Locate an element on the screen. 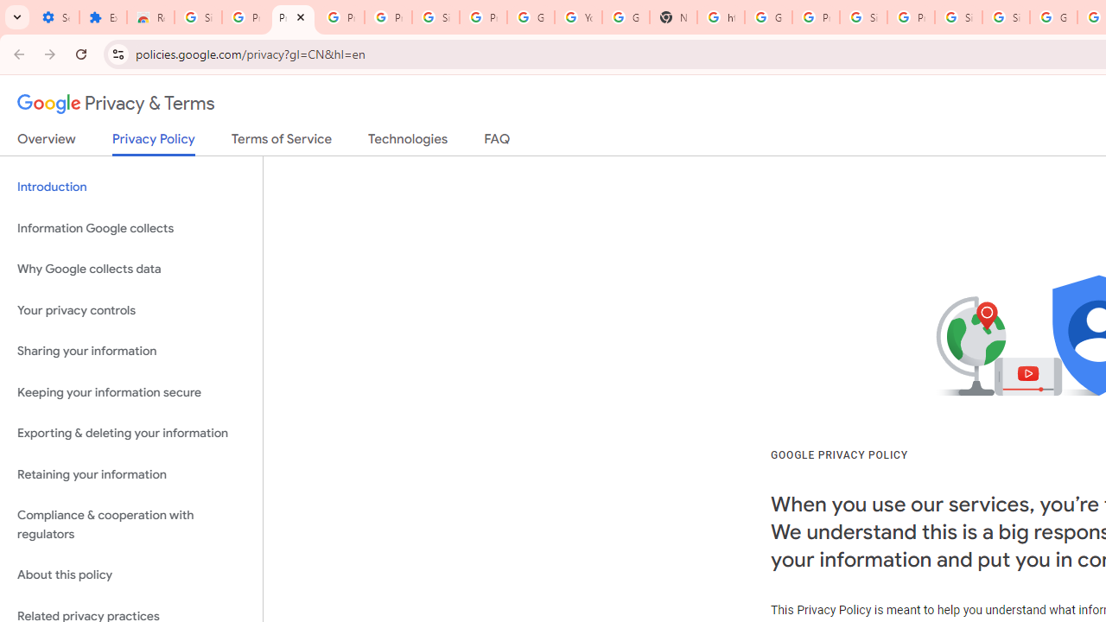 The height and width of the screenshot is (622, 1106). 'Sharing your information' is located at coordinates (130, 351).